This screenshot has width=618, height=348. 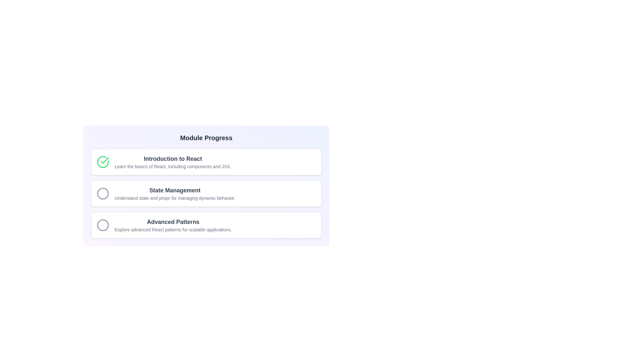 I want to click on the third selectable course module item, which provides information about its content, so click(x=206, y=225).